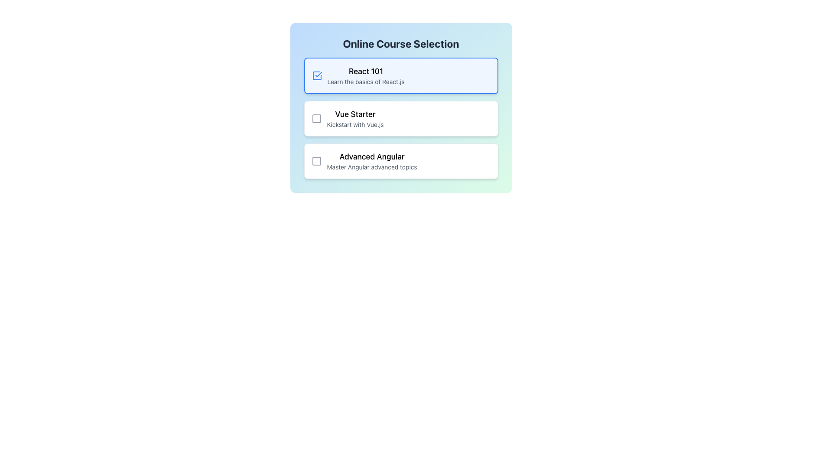 The image size is (832, 468). I want to click on the static text-based informational component that describes the 'Vue Starter' course, which is the second option in the 'Online Course Selection' section, so click(355, 118).